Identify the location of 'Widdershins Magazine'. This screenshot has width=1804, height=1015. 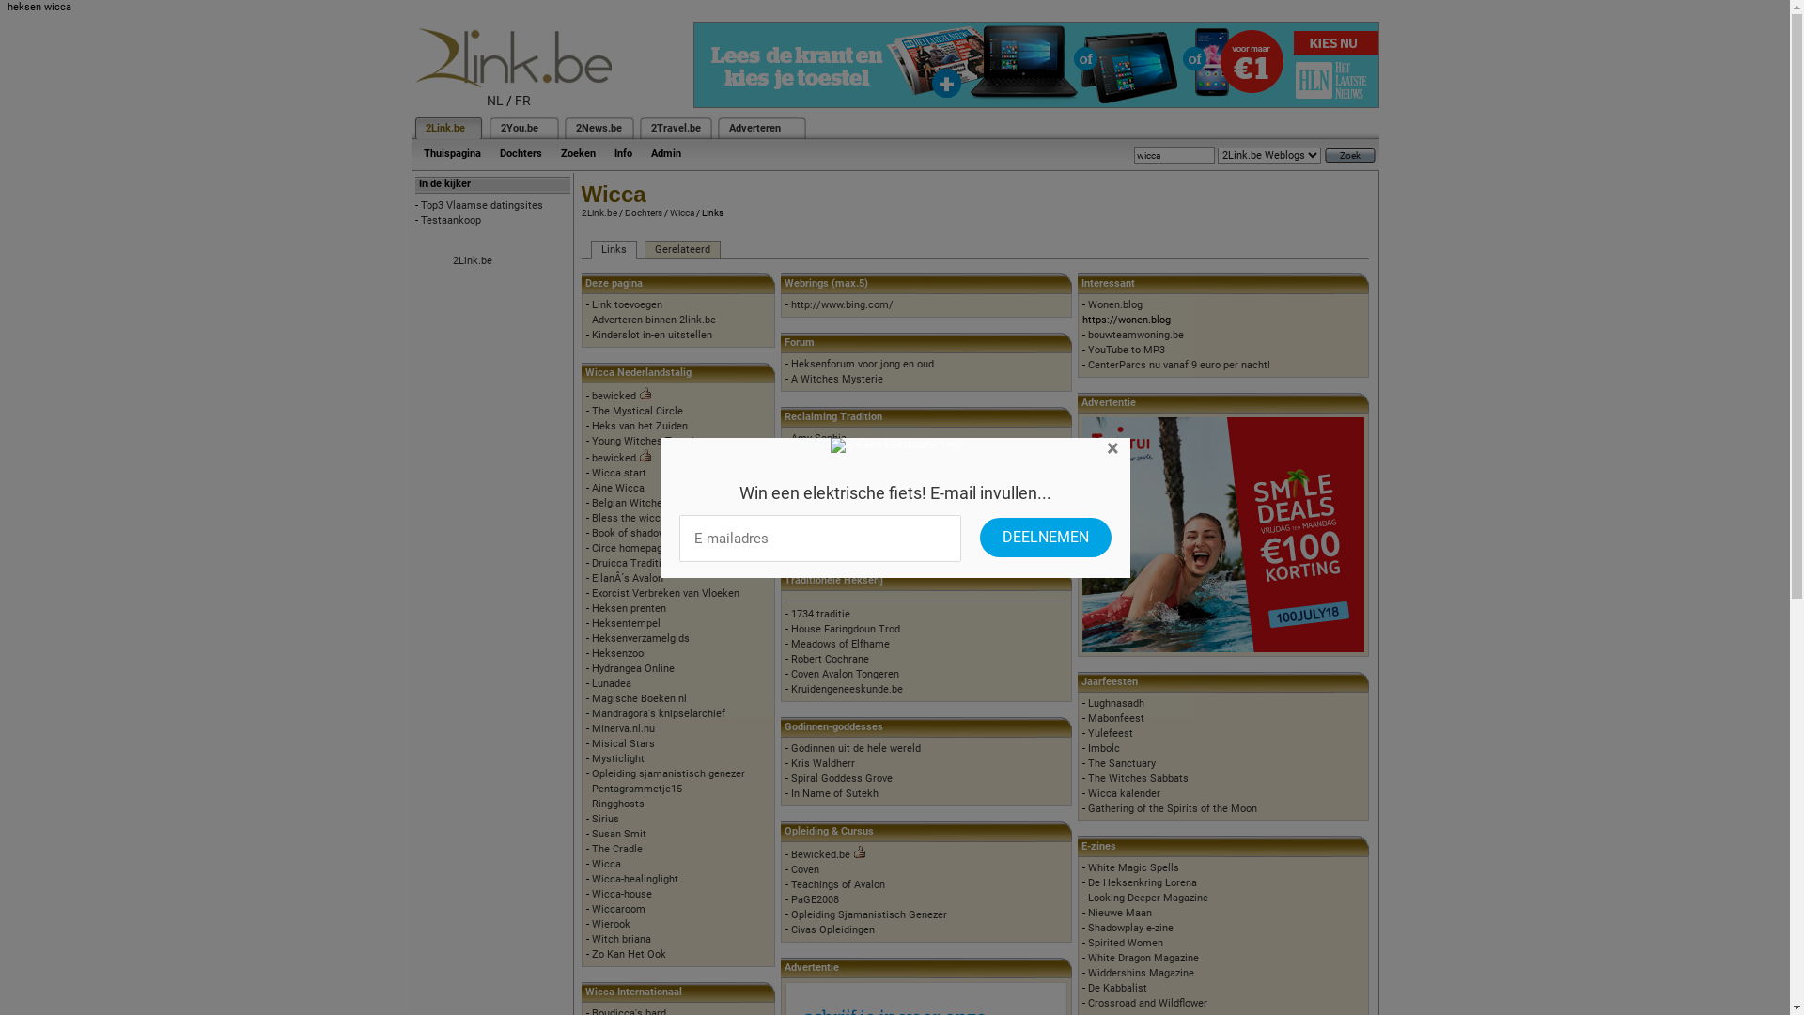
(1087, 973).